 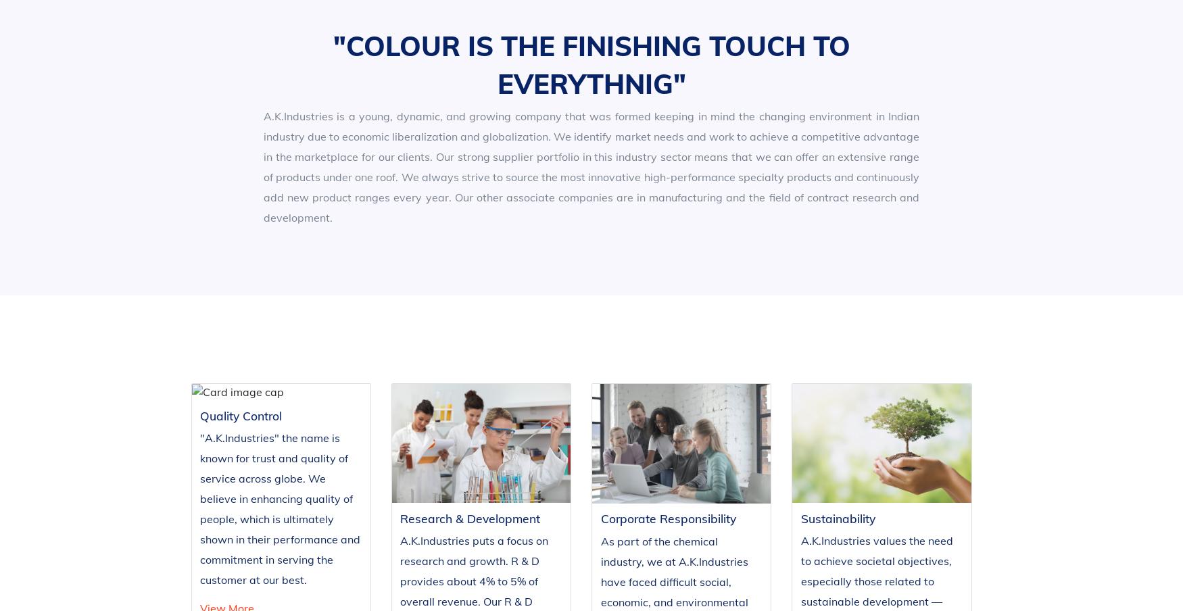 I want to click on 'A.K.Industries, Plot No.1315', so click(x=874, y=503).